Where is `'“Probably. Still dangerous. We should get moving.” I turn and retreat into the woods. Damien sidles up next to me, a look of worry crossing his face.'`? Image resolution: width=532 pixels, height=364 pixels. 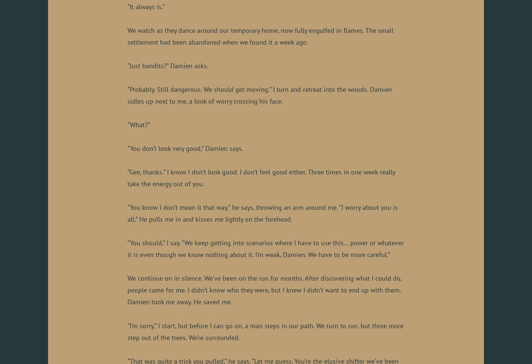
'“Probably. Still dangerous. We should get moving.” I turn and retreat into the woods. Damien sidles up next to me, a look of worry crossing his face.' is located at coordinates (260, 95).